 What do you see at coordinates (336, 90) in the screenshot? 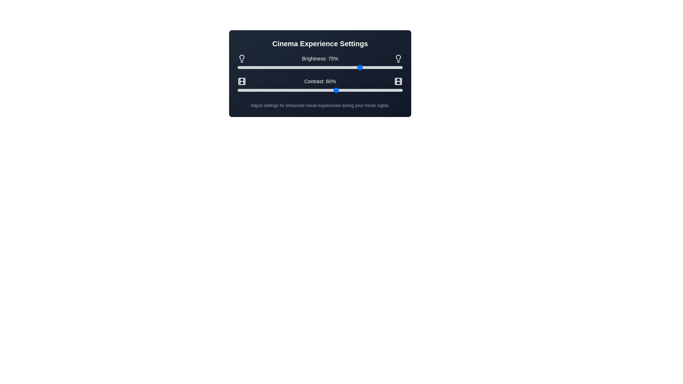
I see `the contrast slider to 60%` at bounding box center [336, 90].